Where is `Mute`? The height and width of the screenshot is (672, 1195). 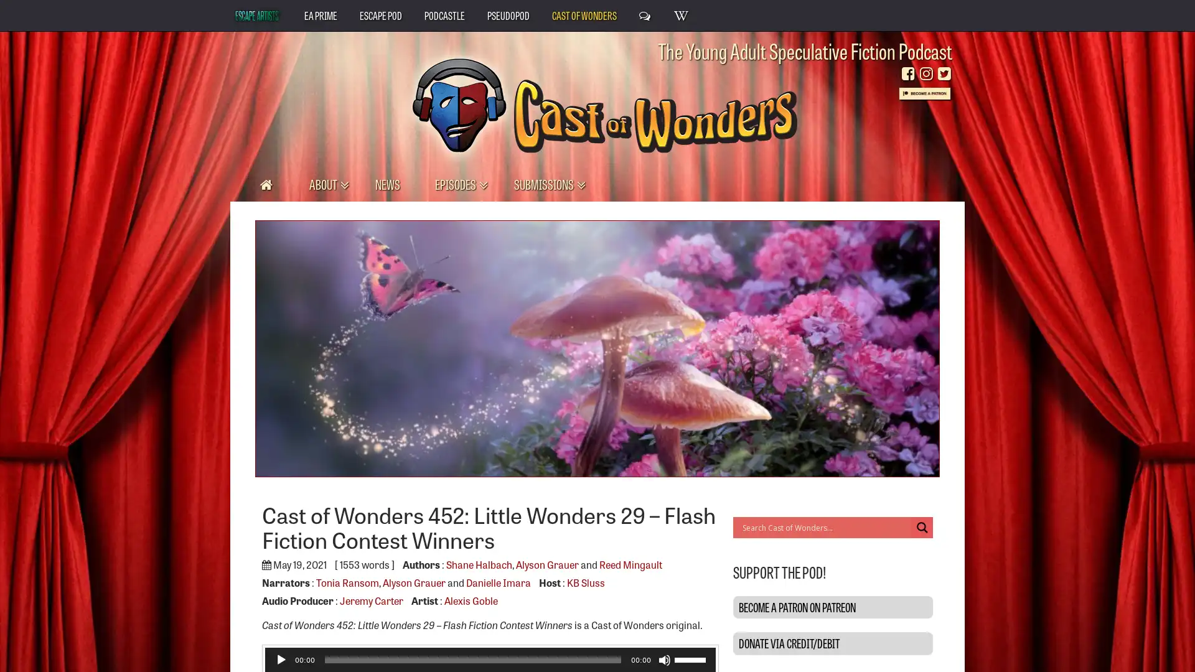
Mute is located at coordinates (663, 659).